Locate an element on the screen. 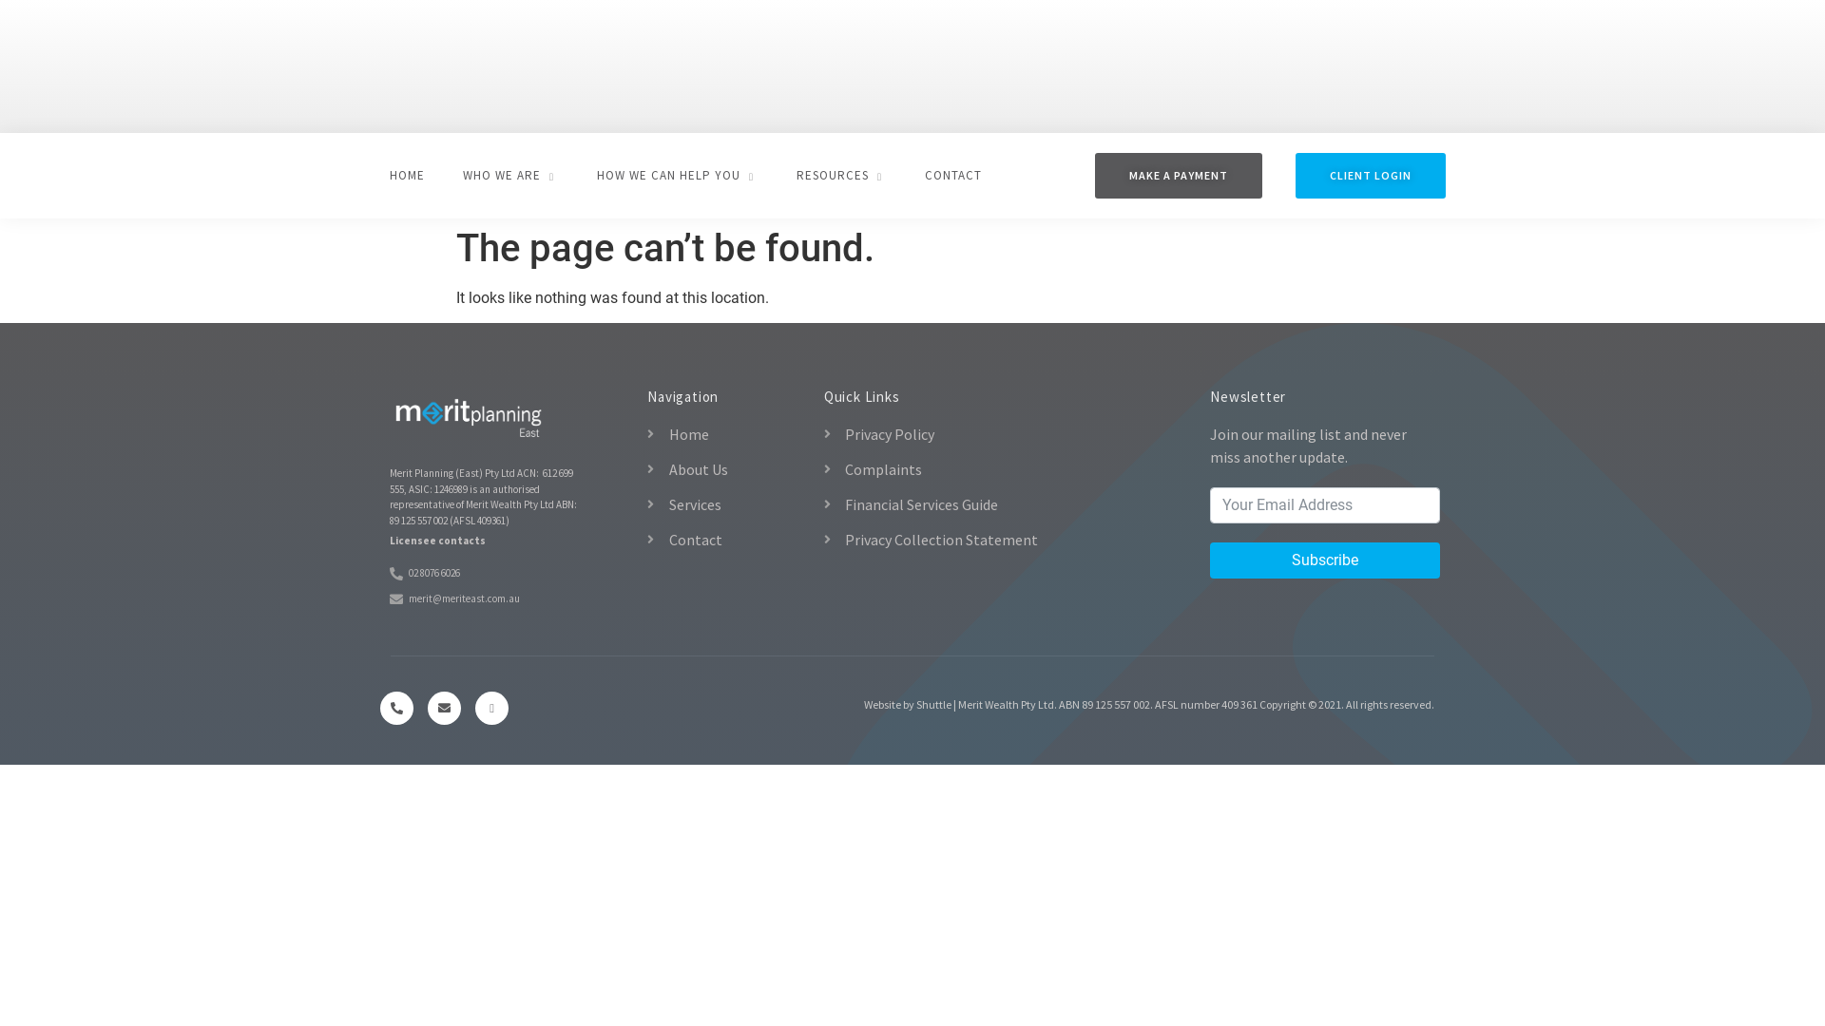 The image size is (1825, 1026). 'Contact' is located at coordinates (724, 539).